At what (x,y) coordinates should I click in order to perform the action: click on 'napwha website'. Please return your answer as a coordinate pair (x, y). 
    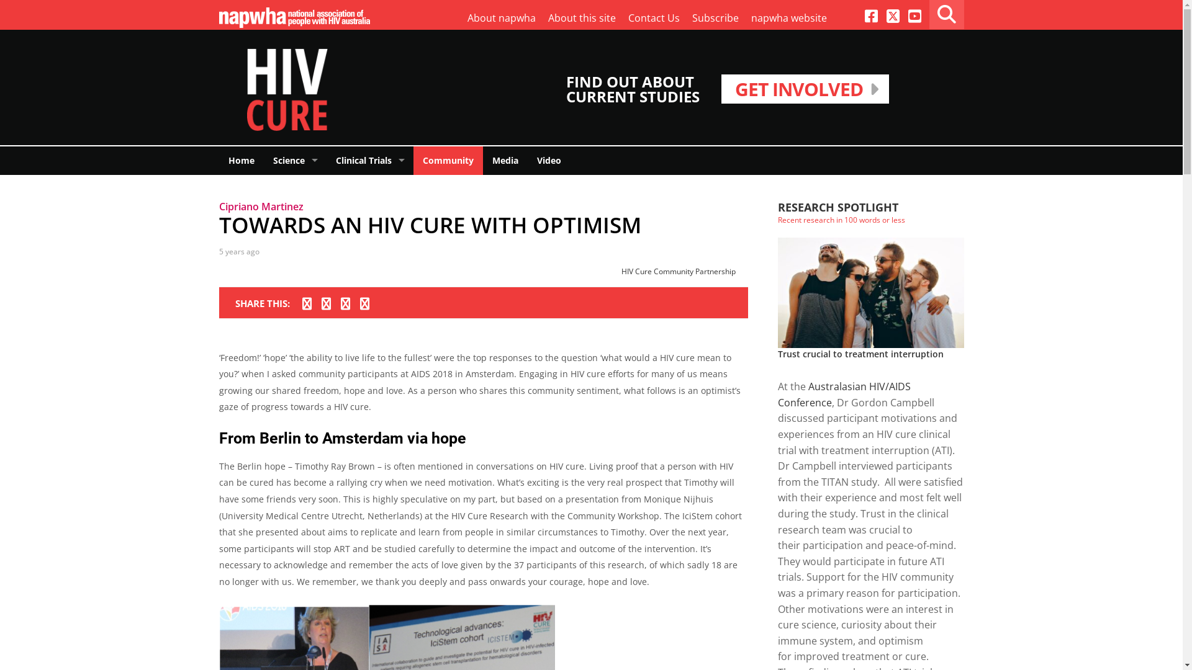
    Looking at the image, I should click on (788, 19).